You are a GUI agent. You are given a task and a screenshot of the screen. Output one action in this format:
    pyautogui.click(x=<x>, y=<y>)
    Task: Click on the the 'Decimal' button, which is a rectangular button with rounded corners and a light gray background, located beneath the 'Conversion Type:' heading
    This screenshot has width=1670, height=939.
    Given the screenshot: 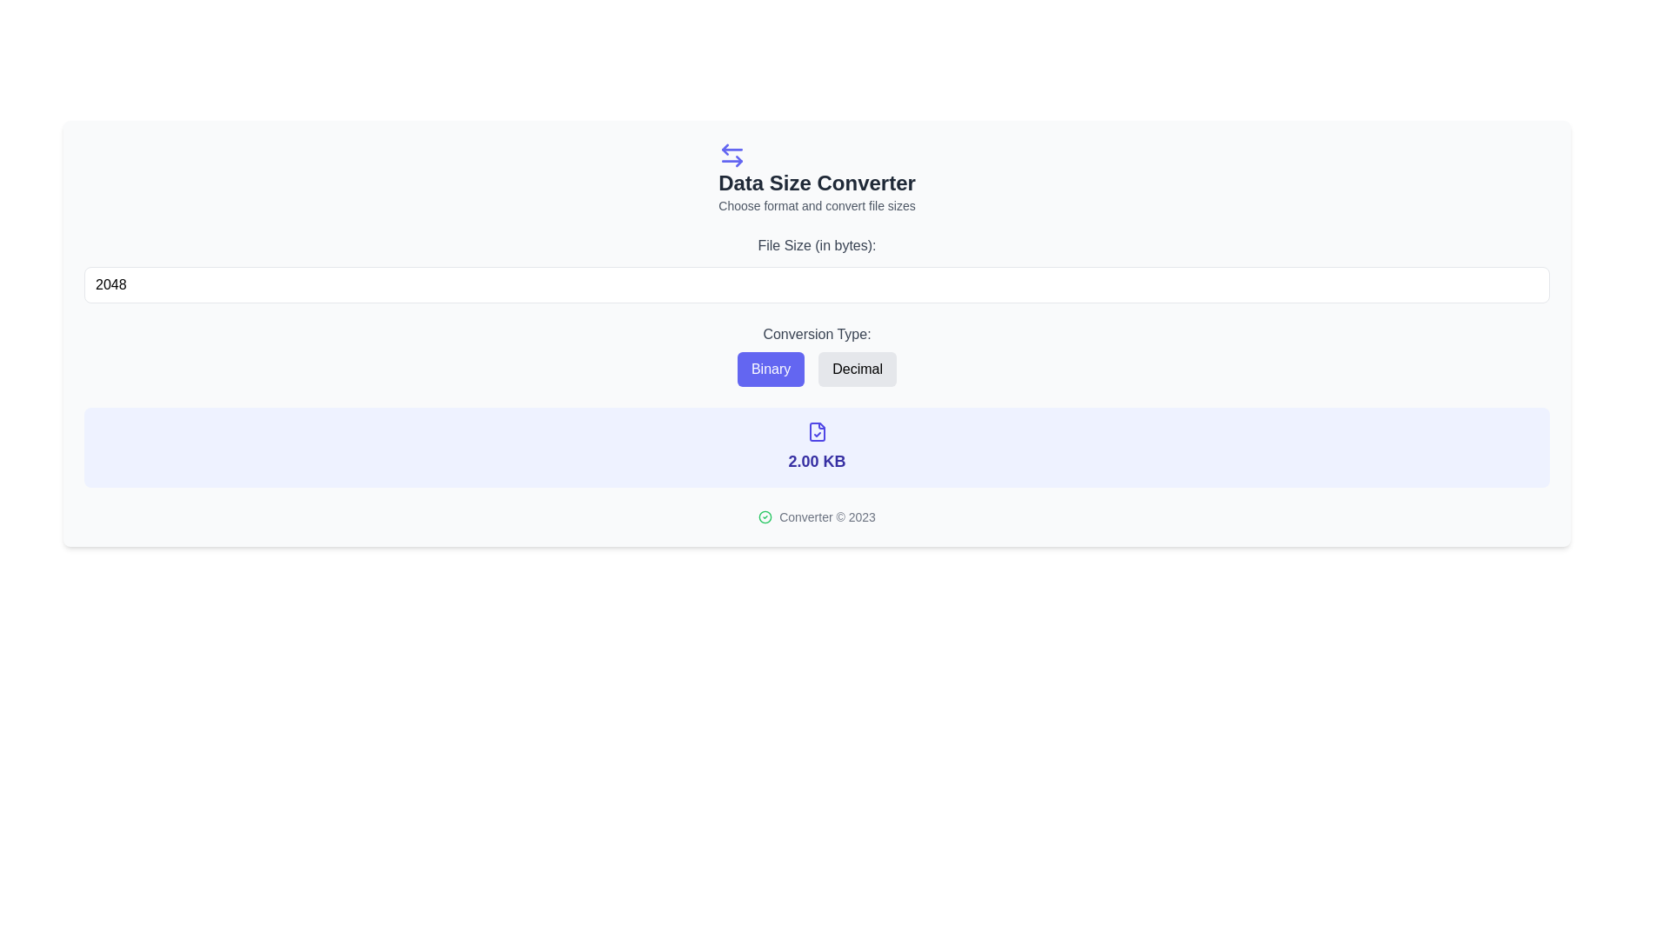 What is the action you would take?
    pyautogui.click(x=858, y=368)
    